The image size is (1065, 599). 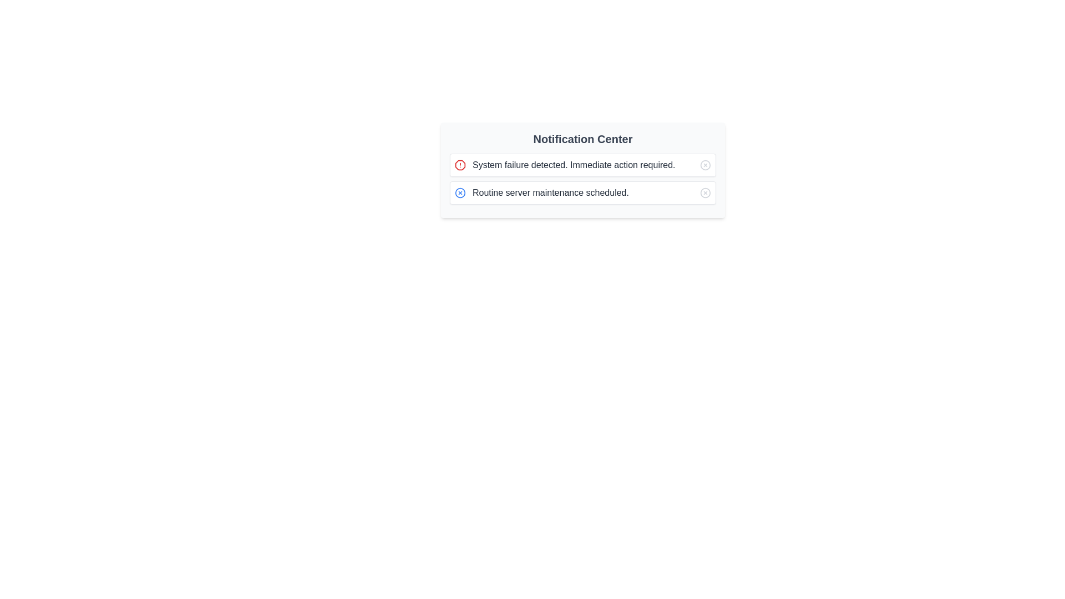 I want to click on the Informative Notification Block that communicates a critical system error, located in the Notification Center above the Routine server maintenance notification, so click(x=582, y=165).